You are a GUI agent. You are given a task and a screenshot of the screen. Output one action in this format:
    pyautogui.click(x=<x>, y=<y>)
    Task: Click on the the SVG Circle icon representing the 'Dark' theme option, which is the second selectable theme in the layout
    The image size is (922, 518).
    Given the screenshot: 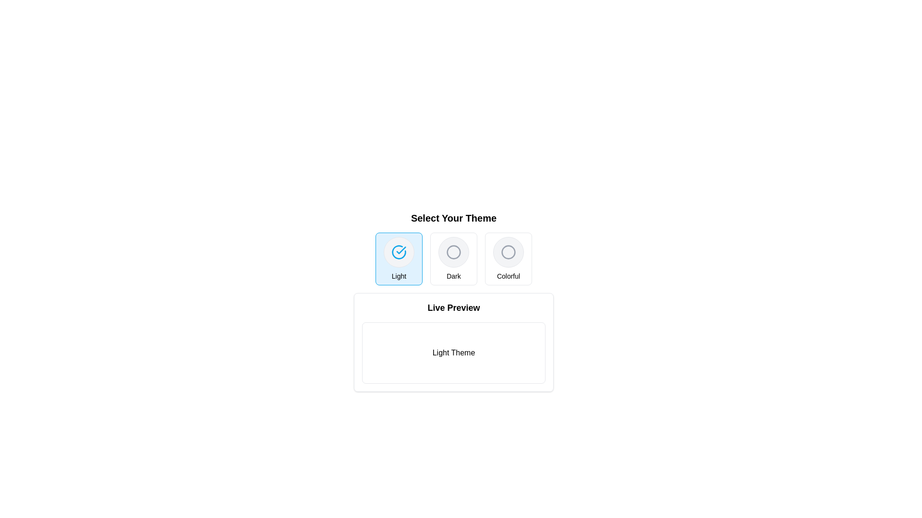 What is the action you would take?
    pyautogui.click(x=453, y=251)
    